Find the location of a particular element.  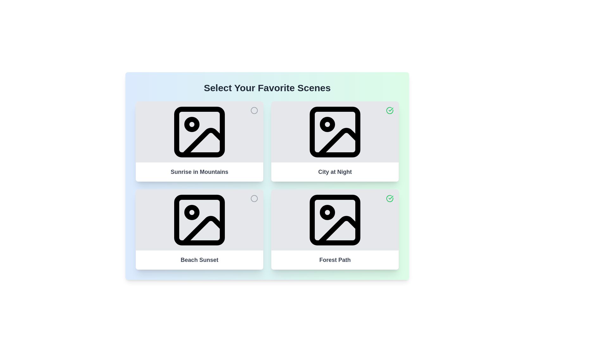

the image of the media item titled 'Forest Path' by interacting with its corresponding image element is located at coordinates (334, 219).